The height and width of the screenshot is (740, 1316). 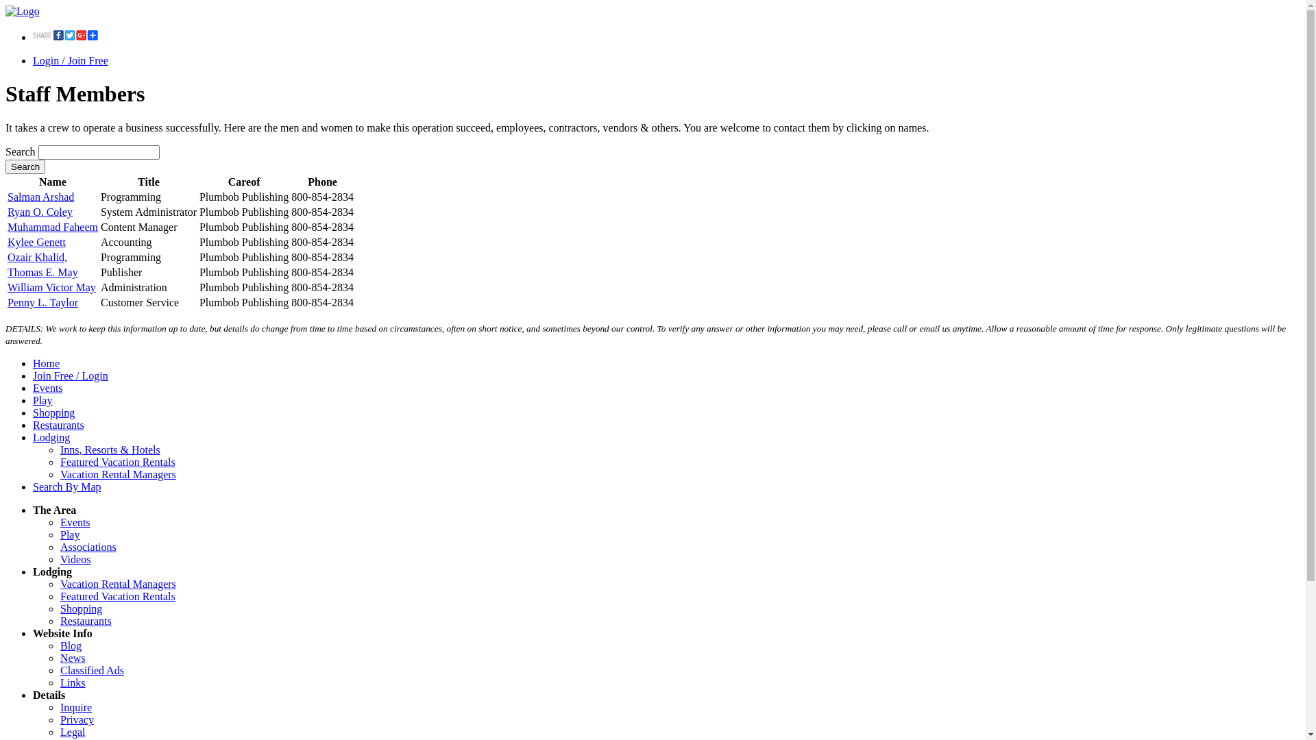 What do you see at coordinates (80, 608) in the screenshot?
I see `'Shopping'` at bounding box center [80, 608].